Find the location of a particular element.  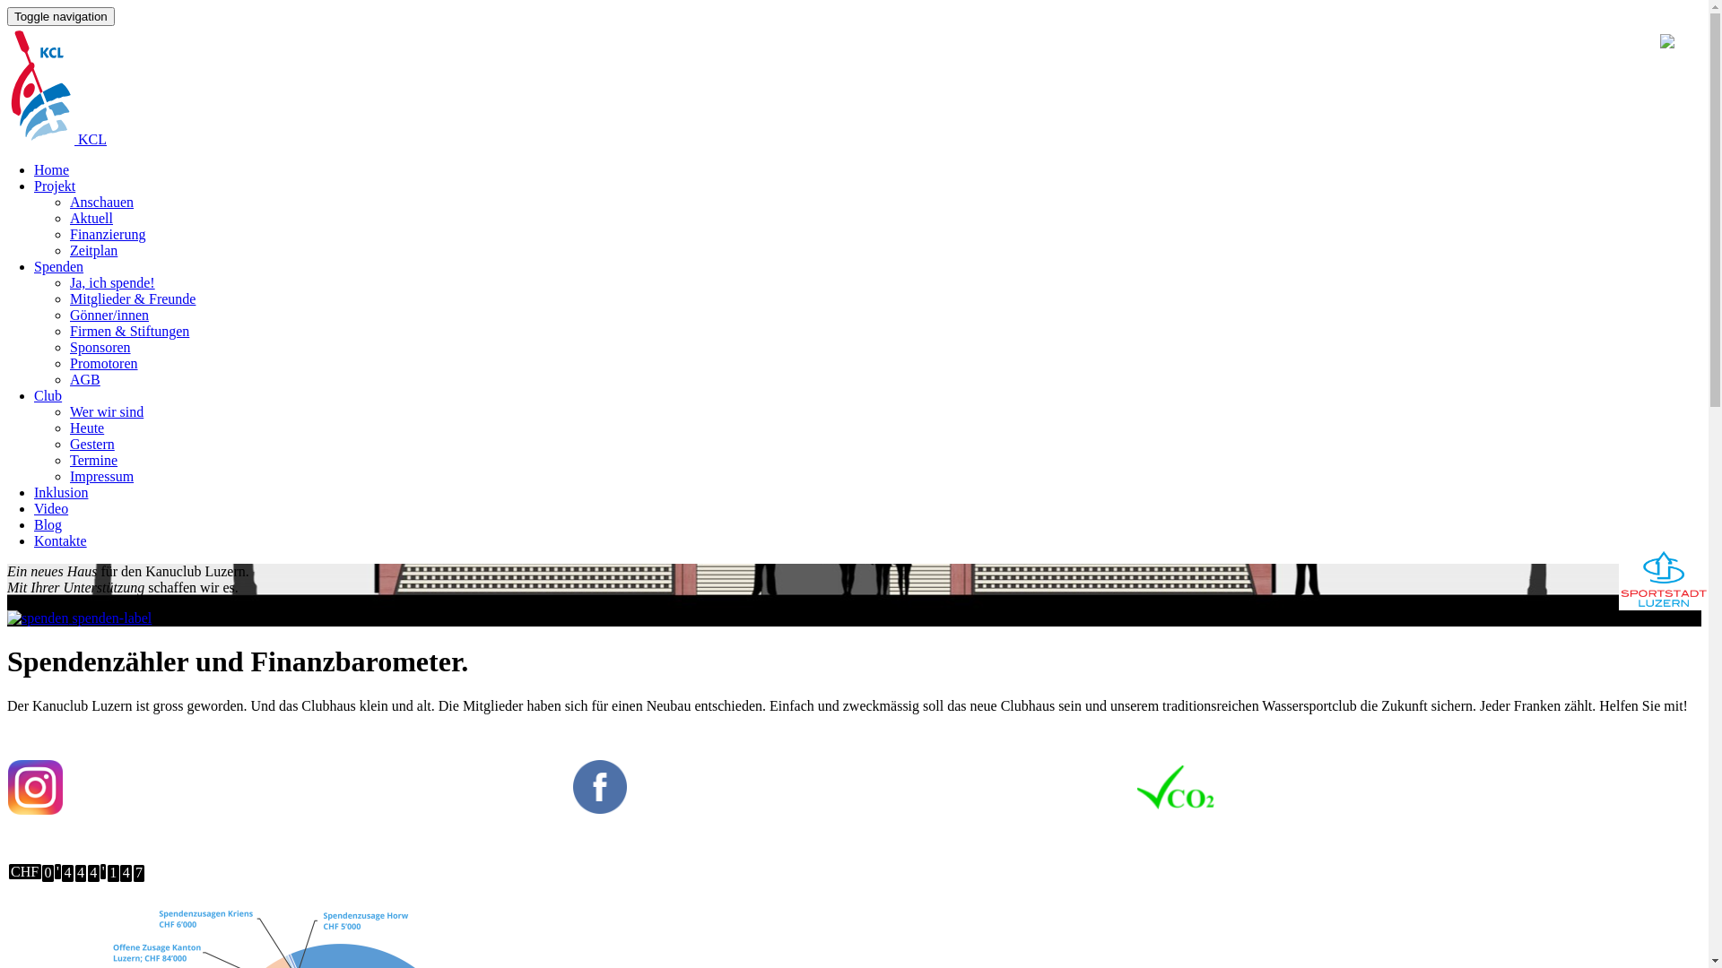

'Toggle navigation' is located at coordinates (60, 16).